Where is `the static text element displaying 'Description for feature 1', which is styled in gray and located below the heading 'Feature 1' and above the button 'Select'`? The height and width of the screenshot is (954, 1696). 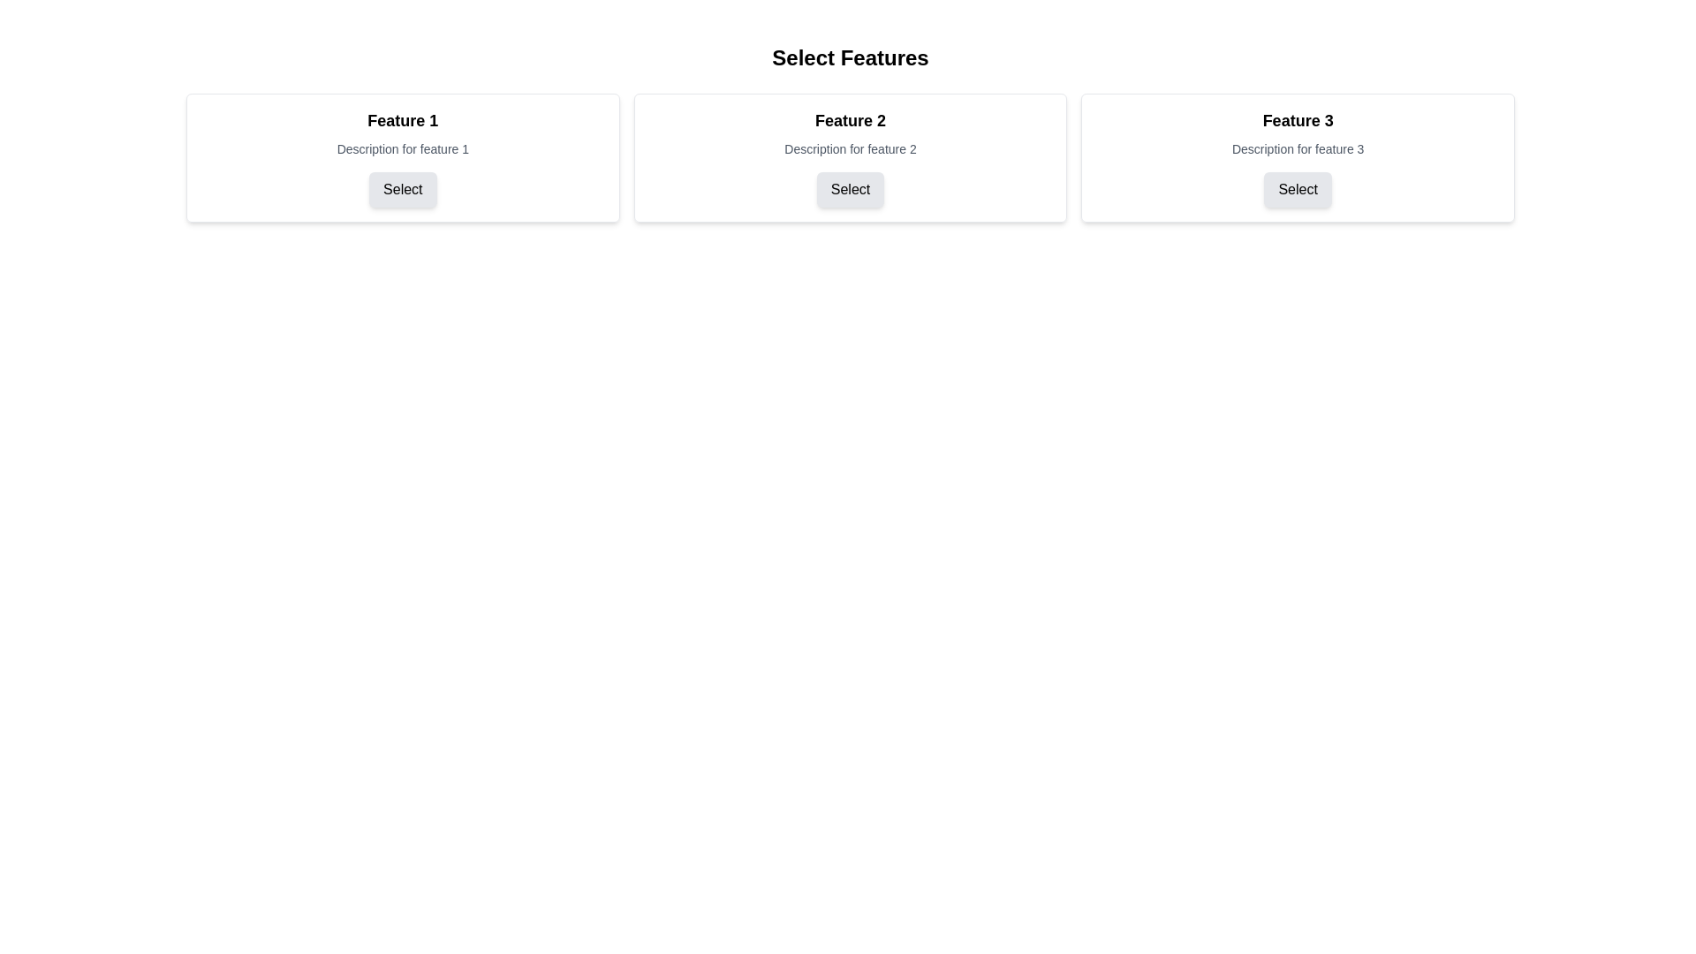 the static text element displaying 'Description for feature 1', which is styled in gray and located below the heading 'Feature 1' and above the button 'Select' is located at coordinates (402, 148).